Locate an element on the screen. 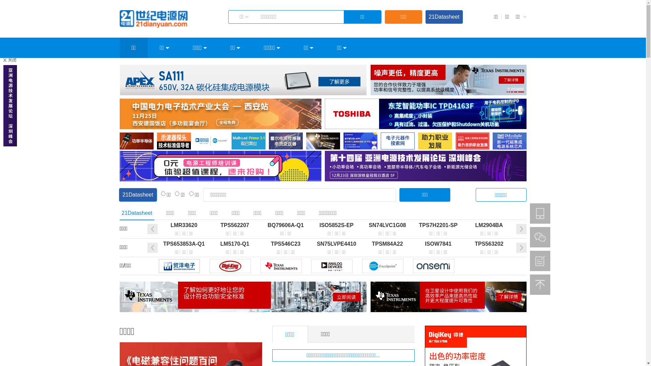  'Digi-Key' is located at coordinates (230, 266).